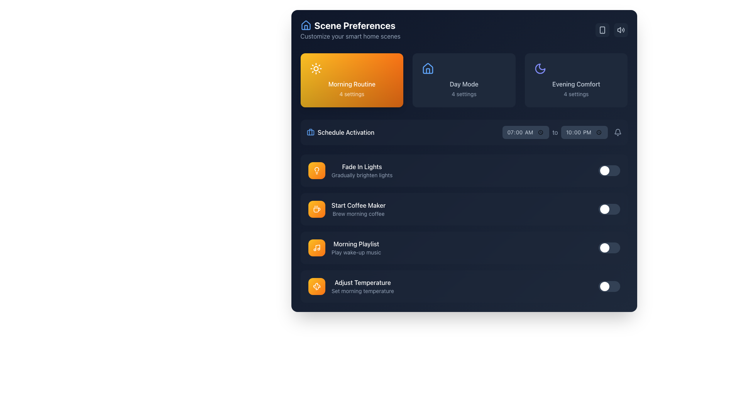  What do you see at coordinates (351, 80) in the screenshot?
I see `the 'Morning Routine' text block` at bounding box center [351, 80].